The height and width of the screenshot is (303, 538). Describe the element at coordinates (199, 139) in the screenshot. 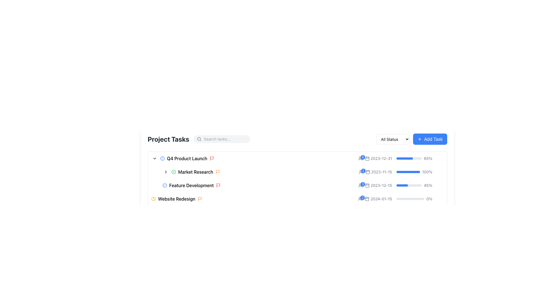

I see `the placeholder text in the search bar of the 'Project Tasks' header` at that location.